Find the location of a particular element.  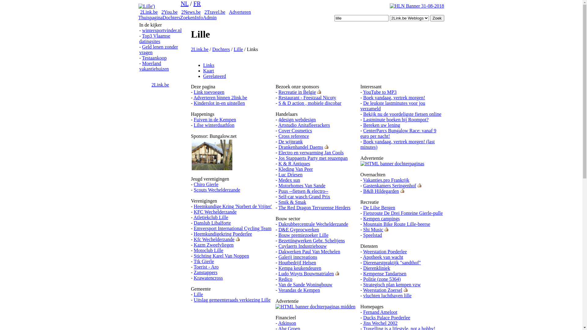

'Ducks Palace Poederlee' is located at coordinates (386, 317).